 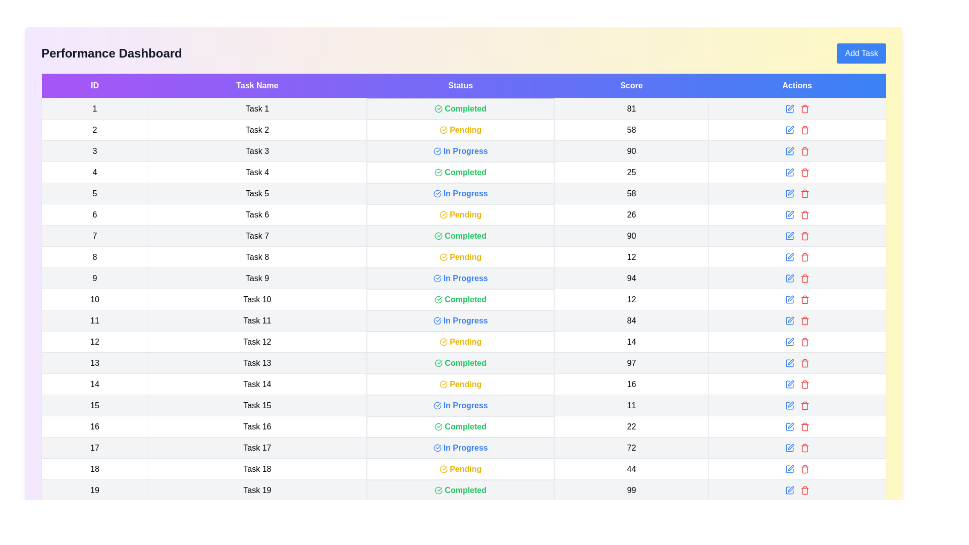 I want to click on the column header to sort the table by Status, so click(x=460, y=85).